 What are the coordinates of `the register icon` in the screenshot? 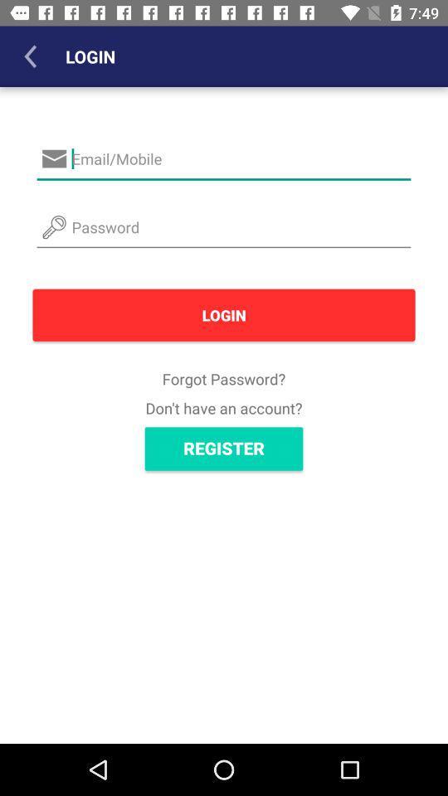 It's located at (224, 449).